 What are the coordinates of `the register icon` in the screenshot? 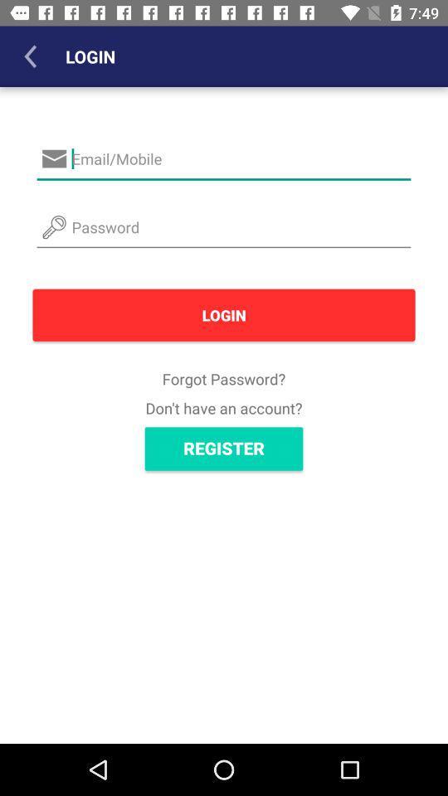 It's located at (224, 449).